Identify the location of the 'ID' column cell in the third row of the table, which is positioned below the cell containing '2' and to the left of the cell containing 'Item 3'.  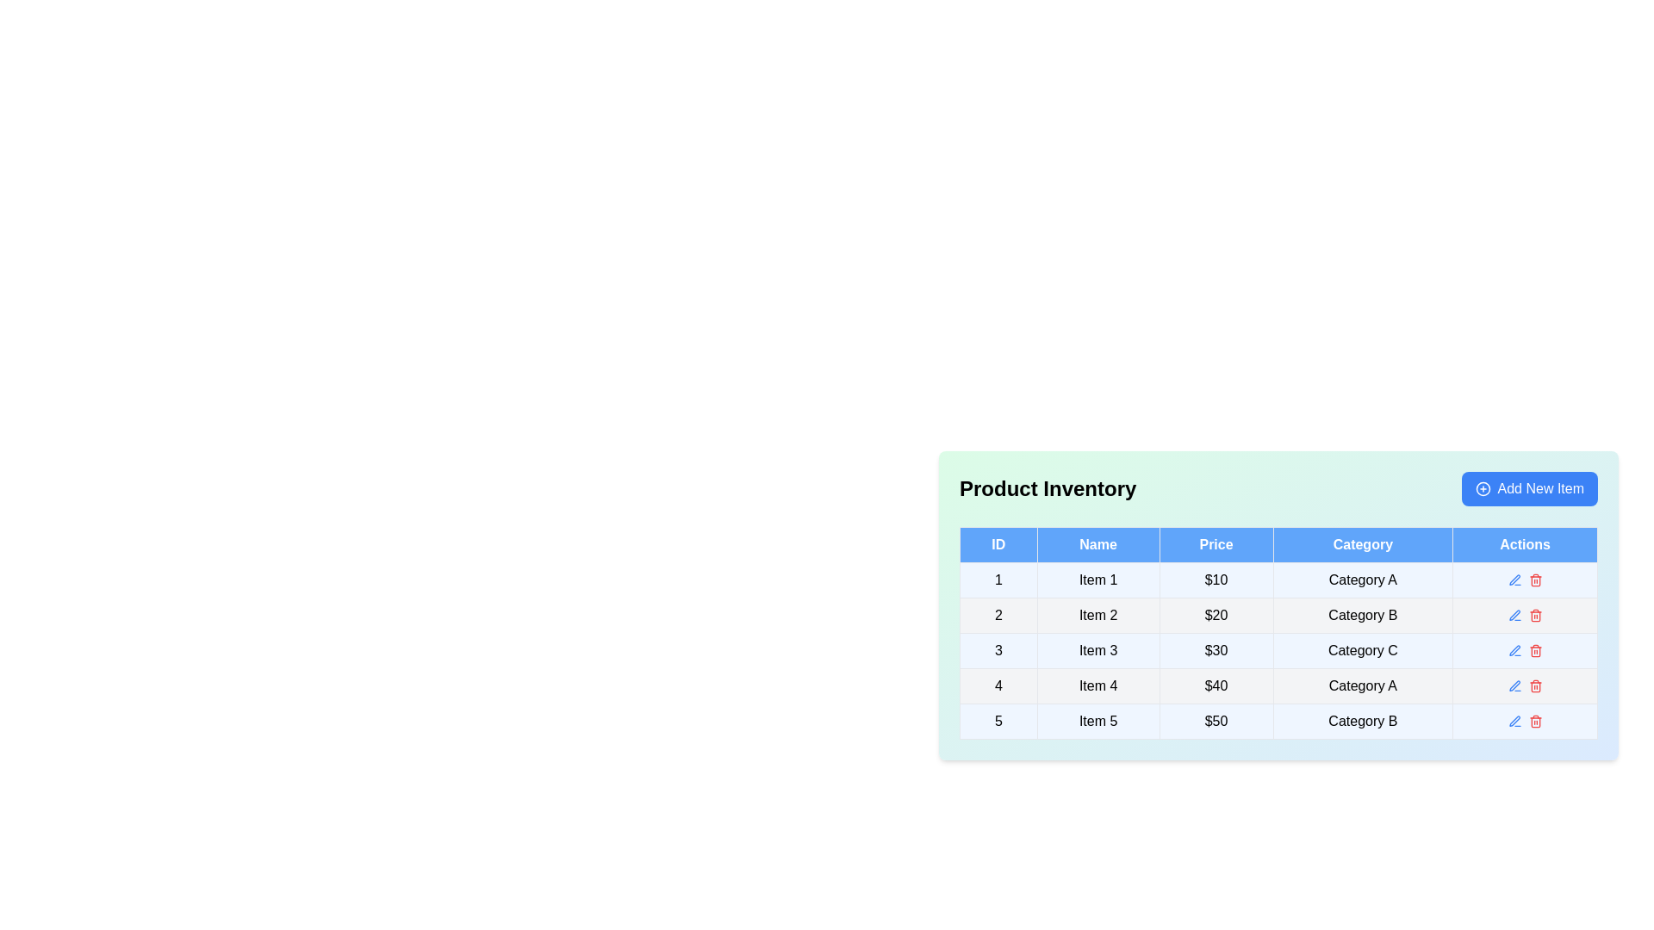
(998, 651).